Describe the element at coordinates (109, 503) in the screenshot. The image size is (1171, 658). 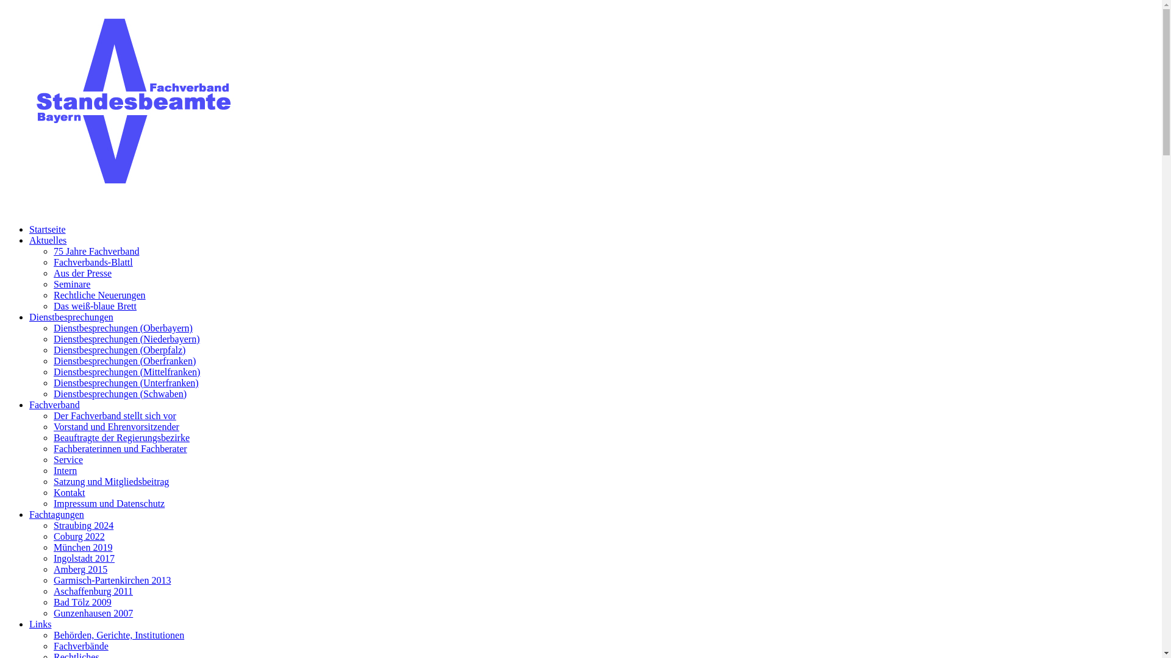
I see `'Impressum und Datenschutz'` at that location.